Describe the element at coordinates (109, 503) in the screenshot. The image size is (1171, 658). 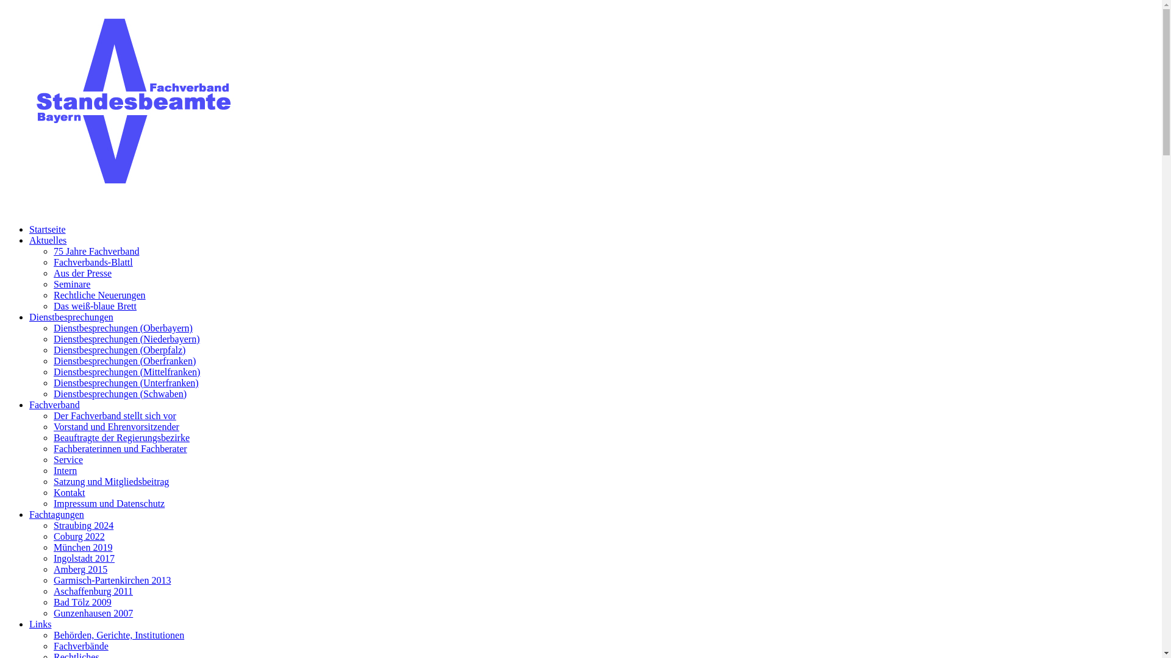
I see `'Impressum und Datenschutz'` at that location.